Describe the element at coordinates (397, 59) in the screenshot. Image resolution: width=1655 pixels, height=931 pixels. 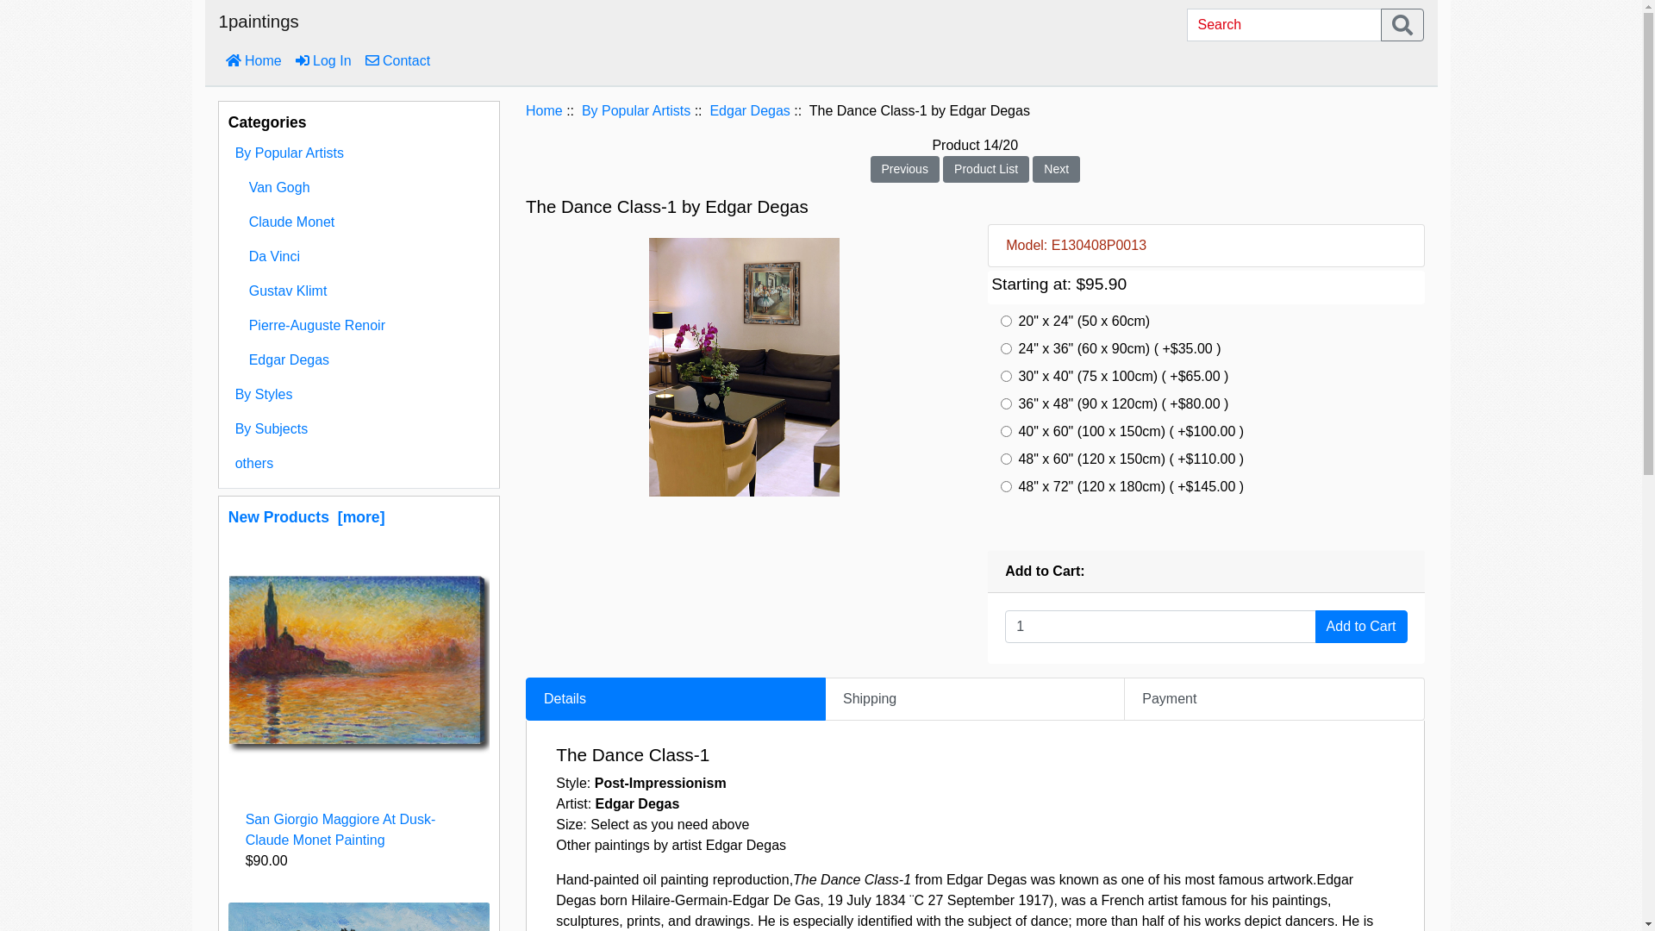
I see `'Contact'` at that location.